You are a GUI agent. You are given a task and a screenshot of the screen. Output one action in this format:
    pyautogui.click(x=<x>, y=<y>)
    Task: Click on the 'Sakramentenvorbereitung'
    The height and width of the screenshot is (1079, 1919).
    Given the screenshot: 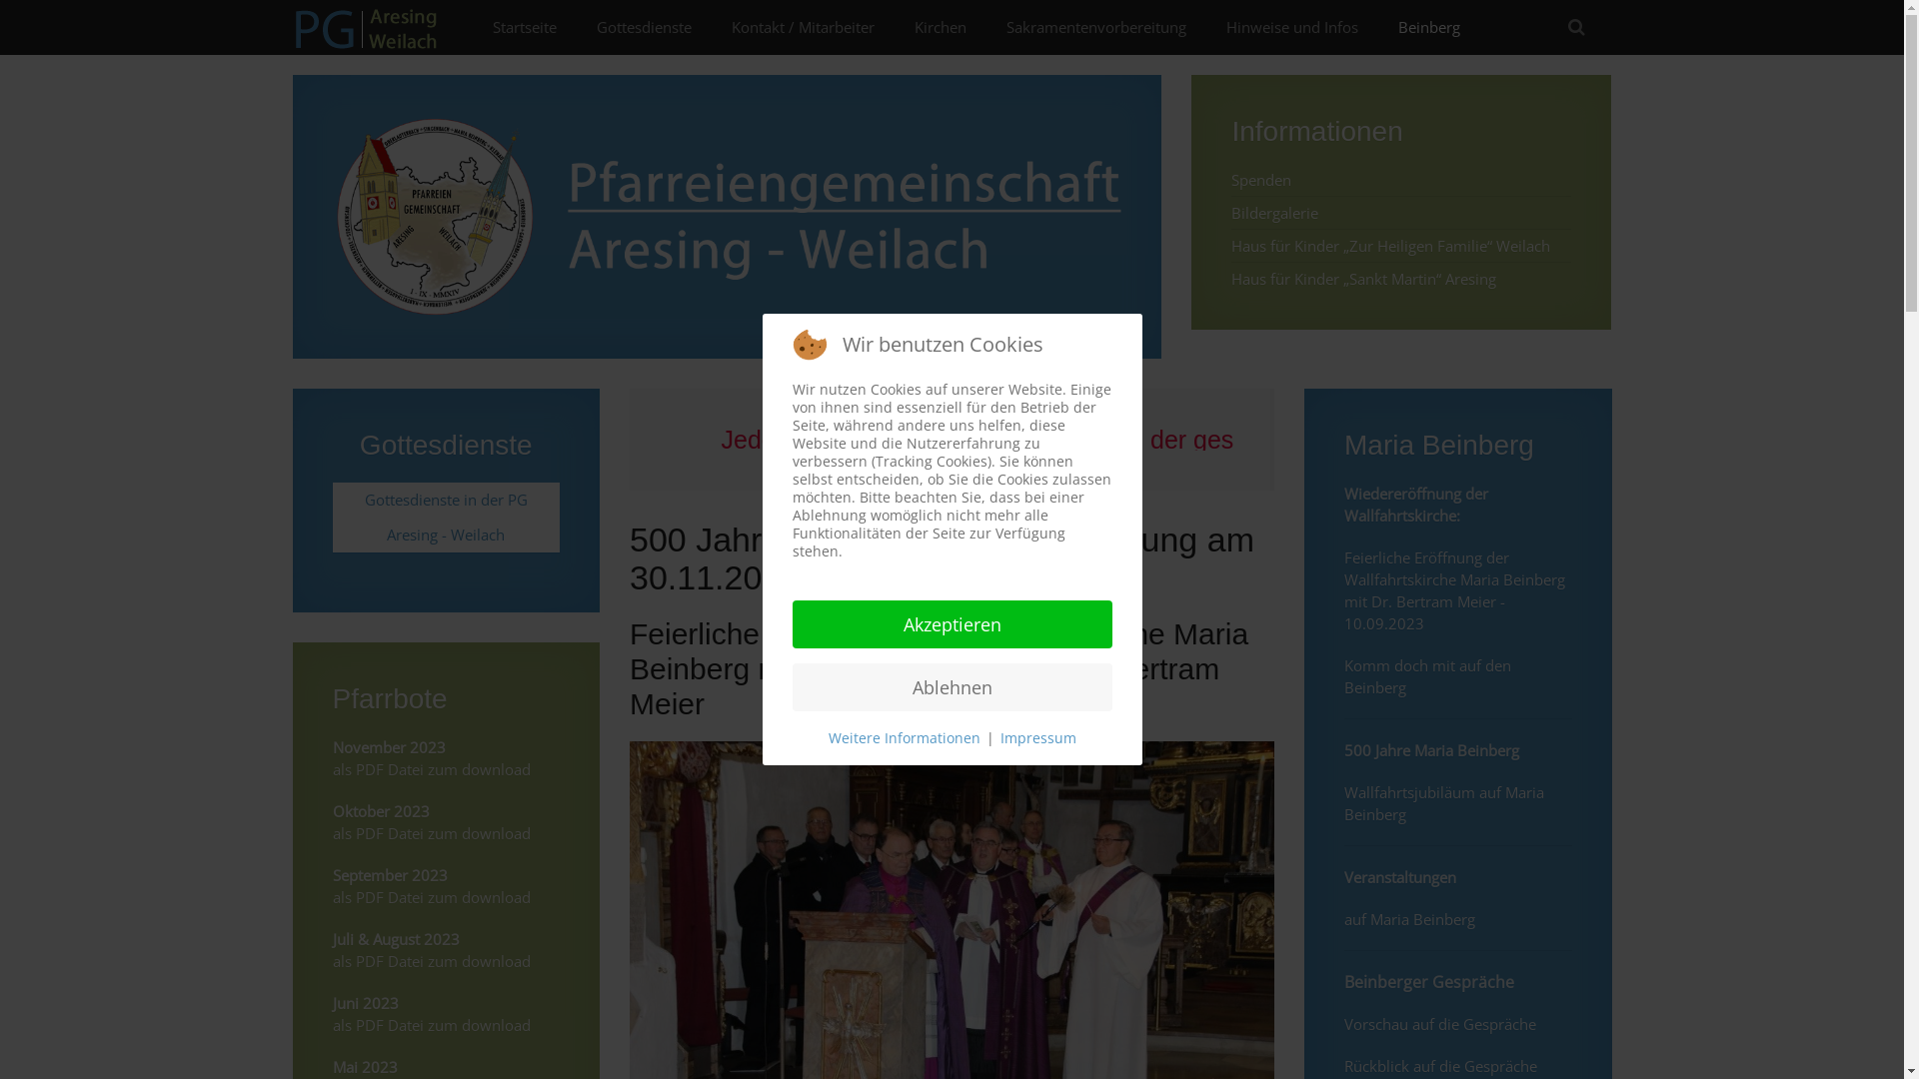 What is the action you would take?
    pyautogui.click(x=1093, y=27)
    